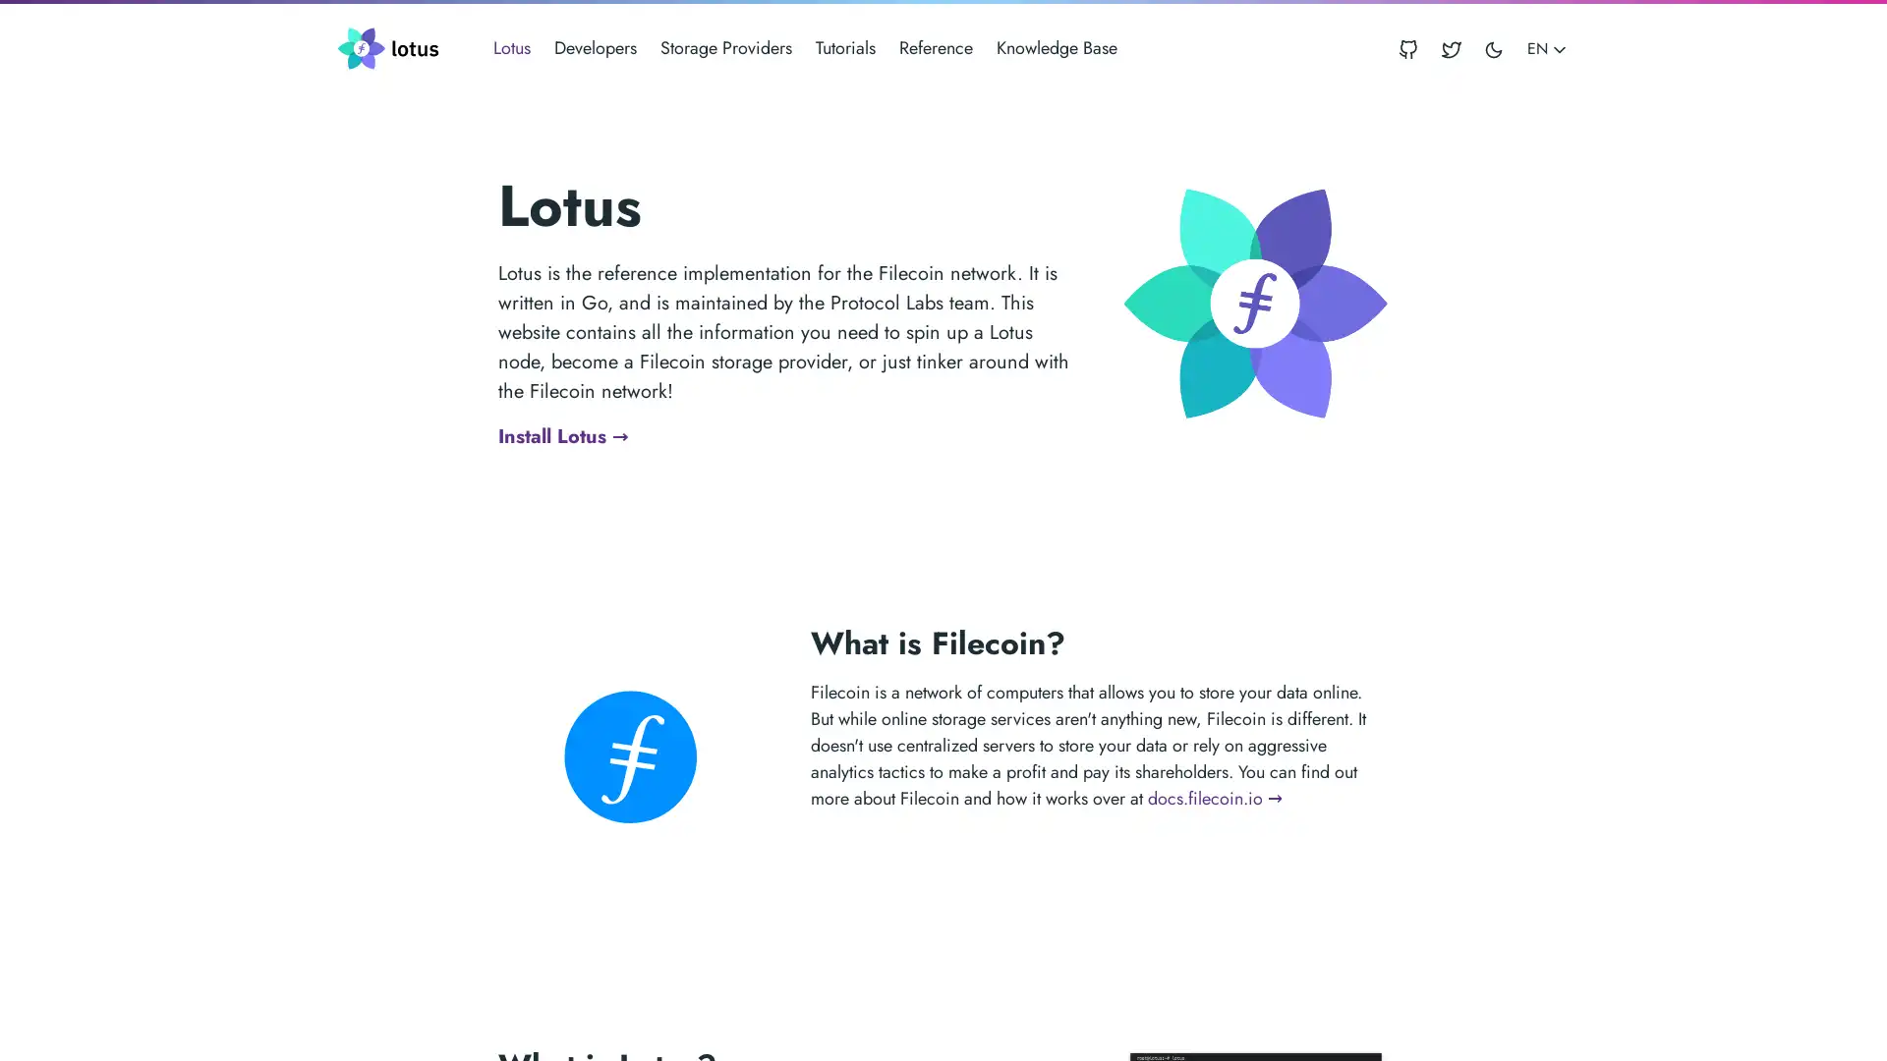  I want to click on Toggle user interface mode, so click(1494, 47).